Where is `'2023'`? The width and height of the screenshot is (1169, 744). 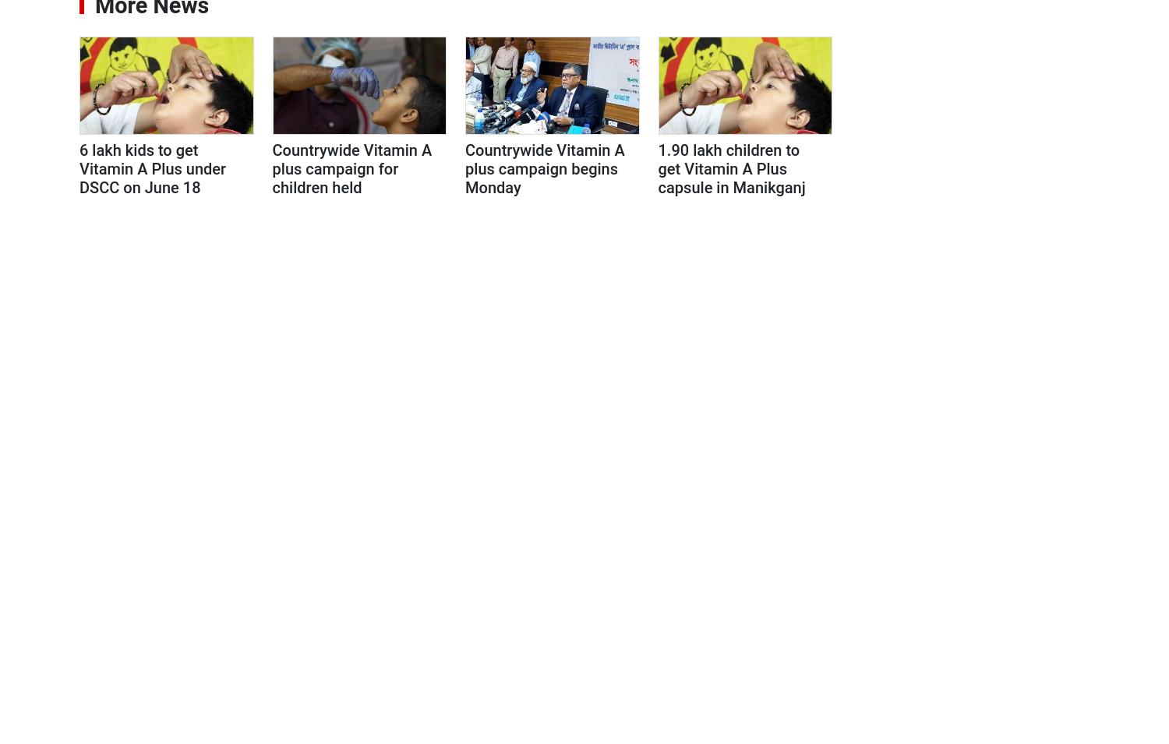 '2023' is located at coordinates (1020, 46).